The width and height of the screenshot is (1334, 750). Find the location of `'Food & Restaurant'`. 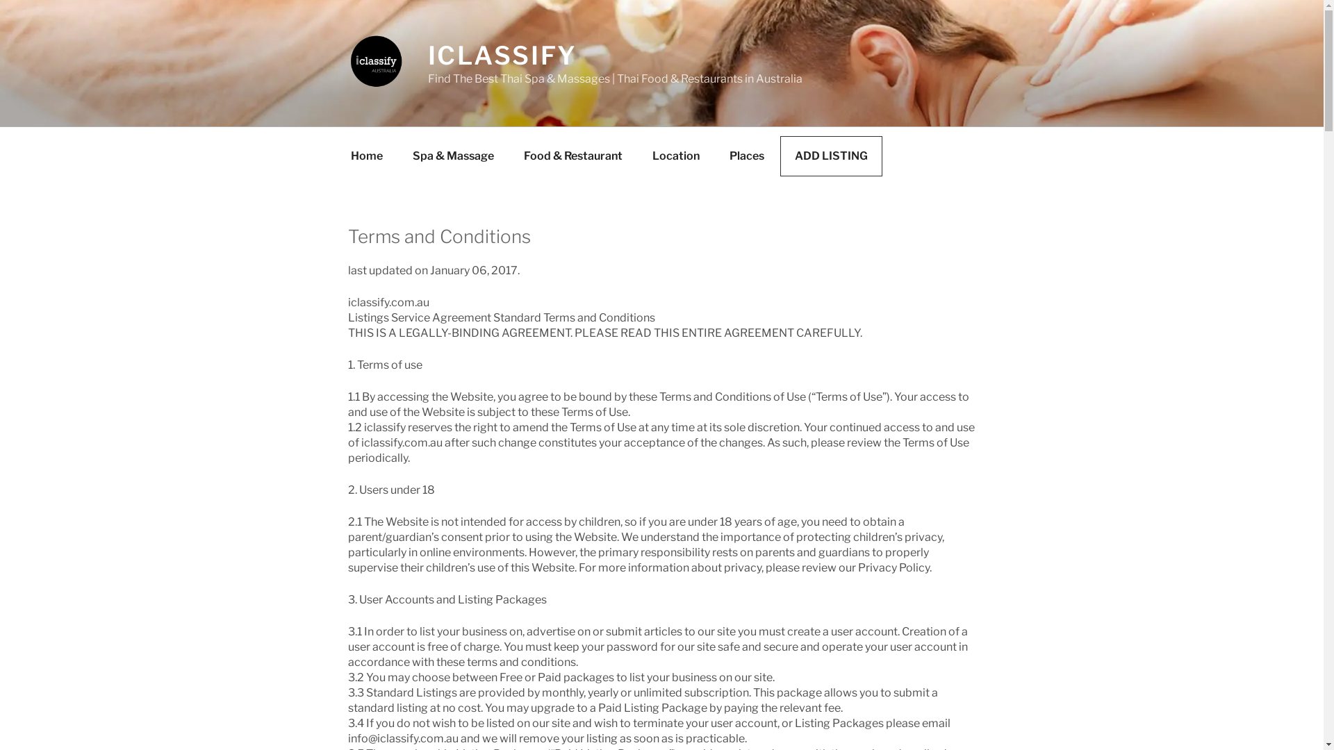

'Food & Restaurant' is located at coordinates (573, 156).